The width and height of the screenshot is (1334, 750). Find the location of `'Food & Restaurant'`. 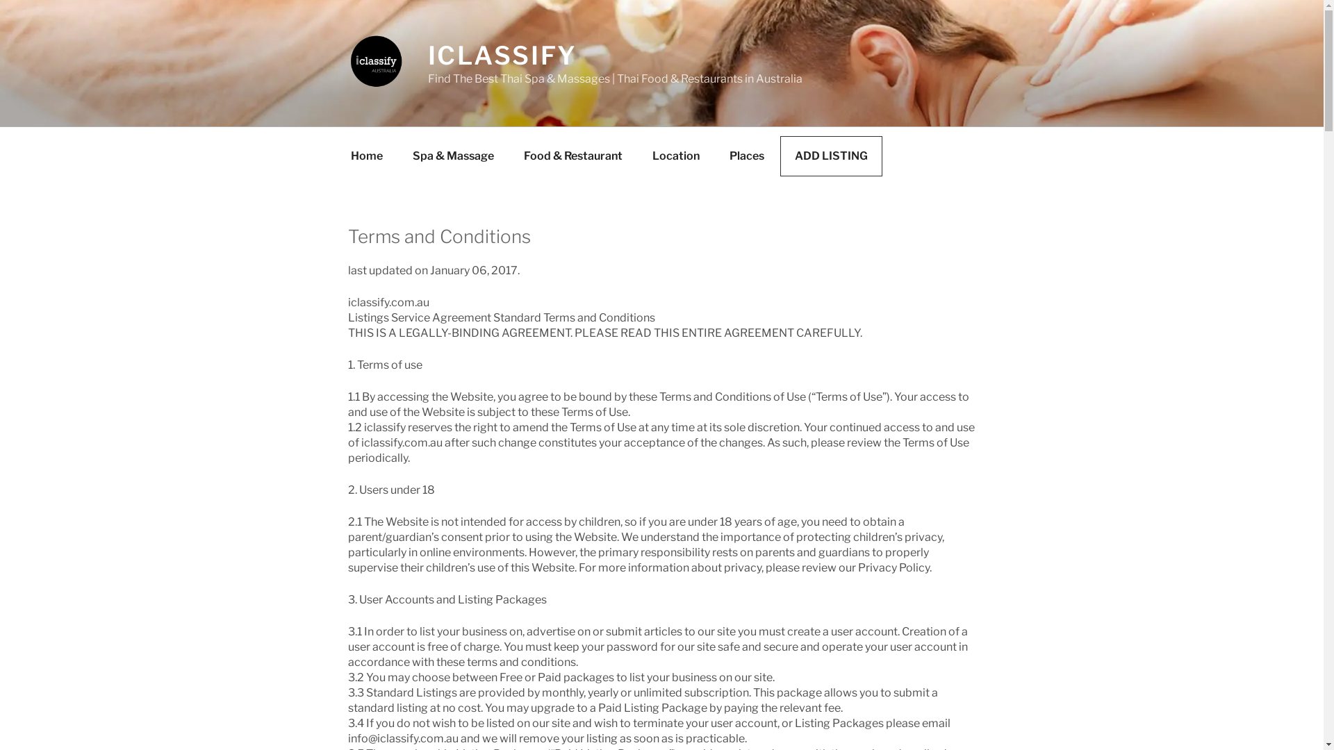

'Food & Restaurant' is located at coordinates (573, 156).